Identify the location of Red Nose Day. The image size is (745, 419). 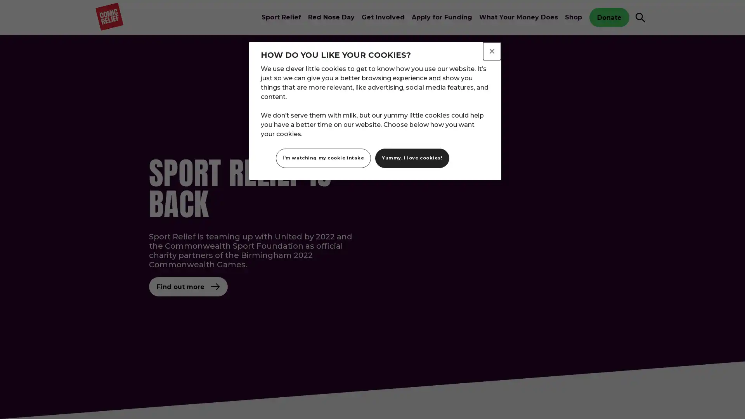
(331, 17).